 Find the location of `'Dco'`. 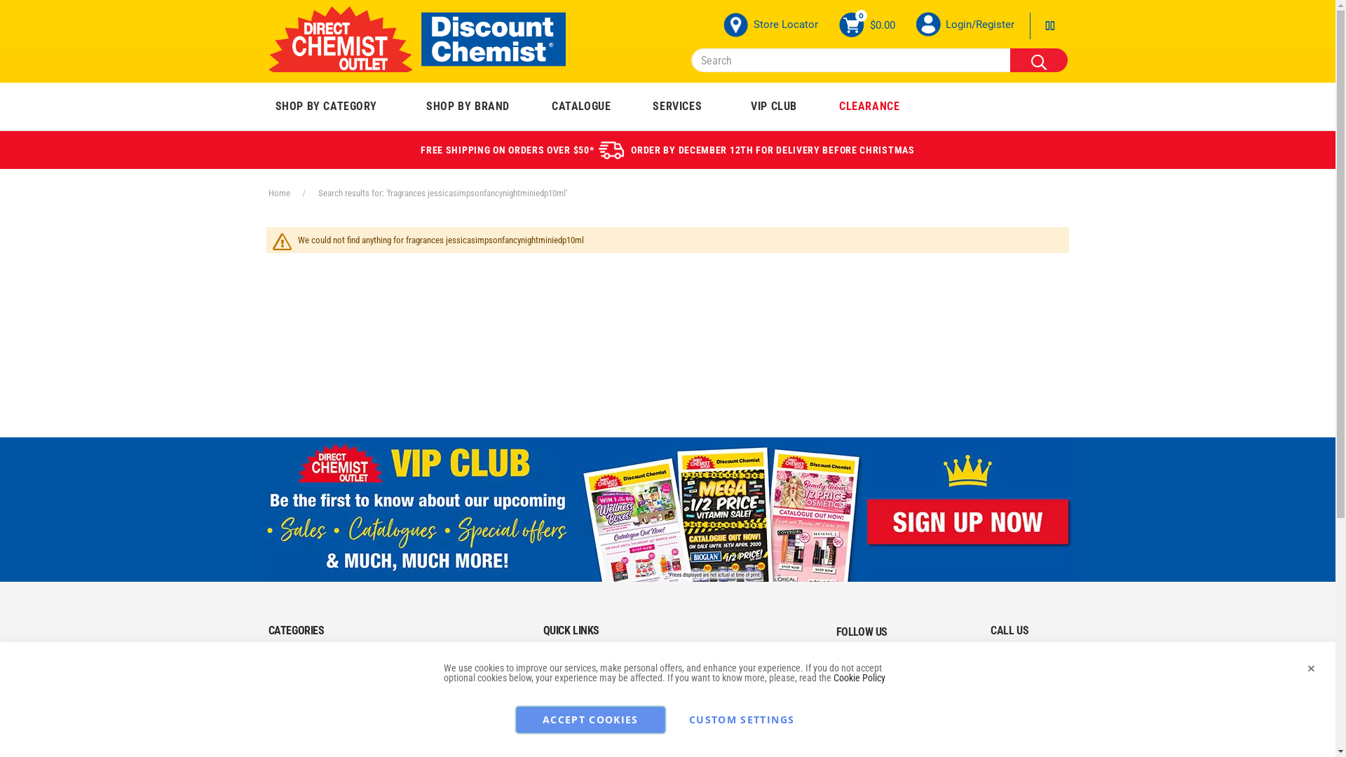

'Dco' is located at coordinates (416, 39).